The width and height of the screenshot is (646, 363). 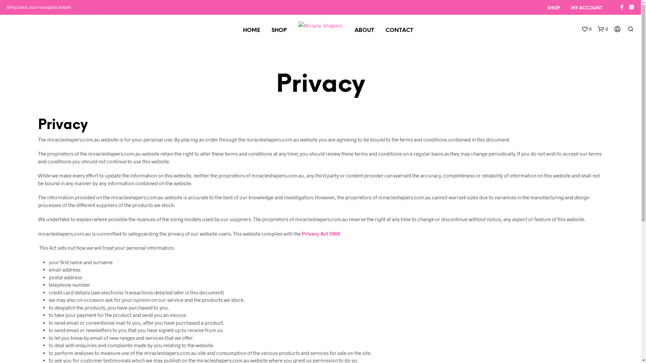 What do you see at coordinates (349, 31) in the screenshot?
I see `'ABOUT'` at bounding box center [349, 31].